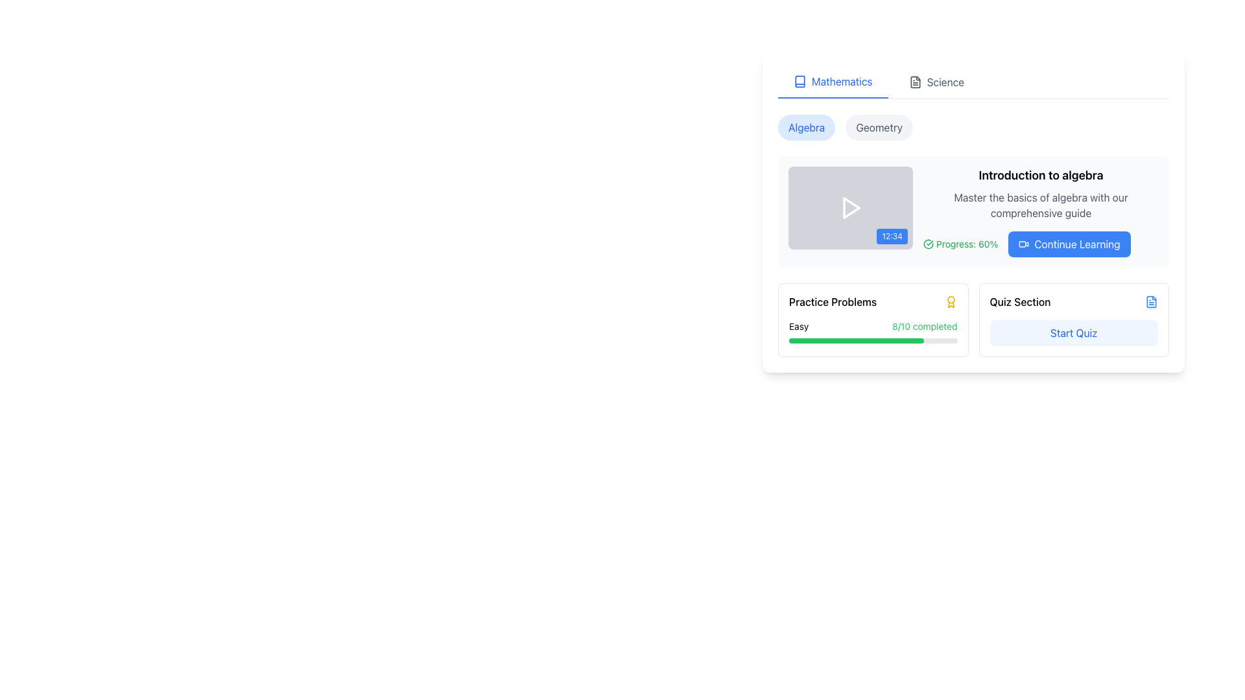 The height and width of the screenshot is (700, 1245). What do you see at coordinates (927, 244) in the screenshot?
I see `the green checkmark icon that signifies completed progress, located to the left of the 'Progress: 60%' text` at bounding box center [927, 244].